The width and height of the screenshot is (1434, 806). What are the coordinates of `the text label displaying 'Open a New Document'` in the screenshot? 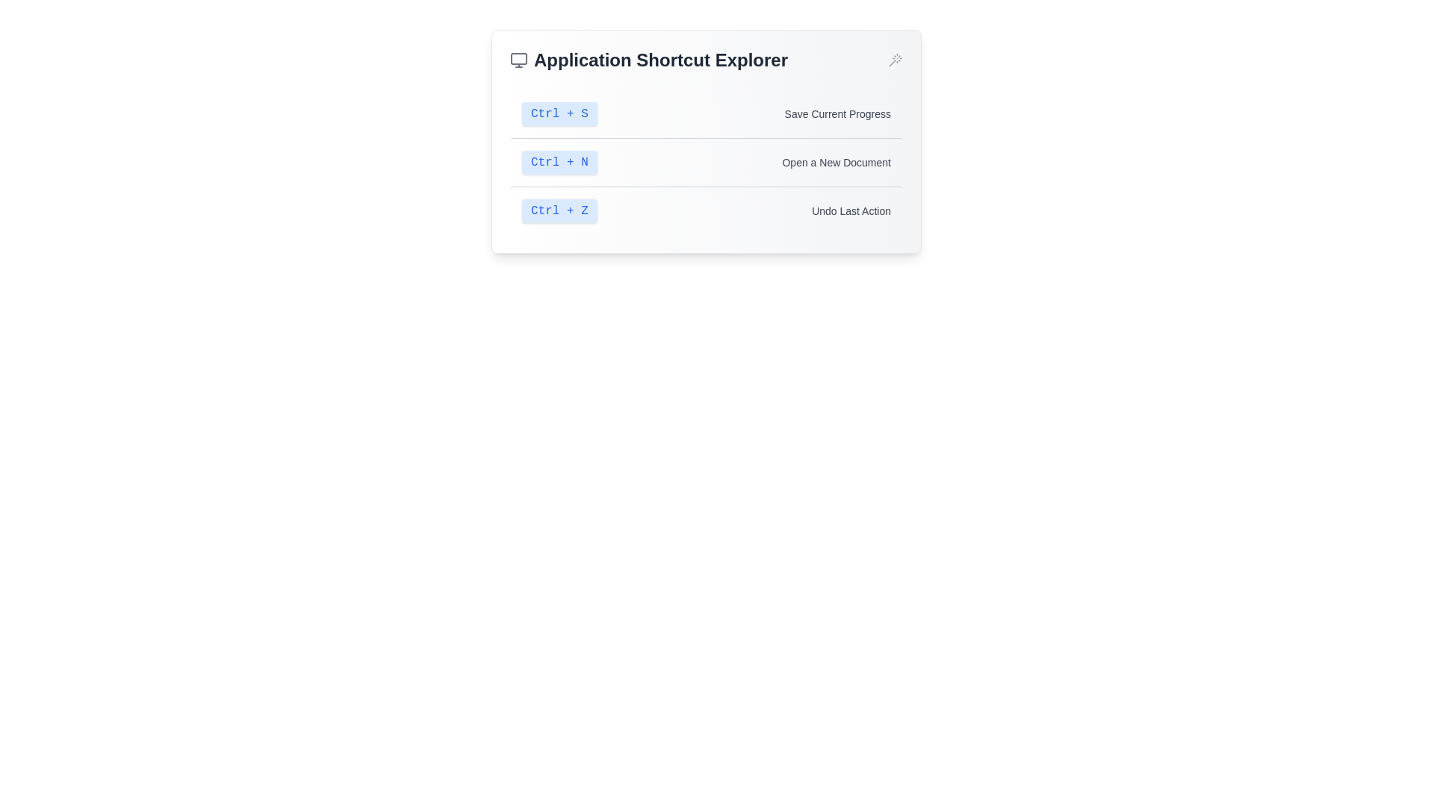 It's located at (836, 163).